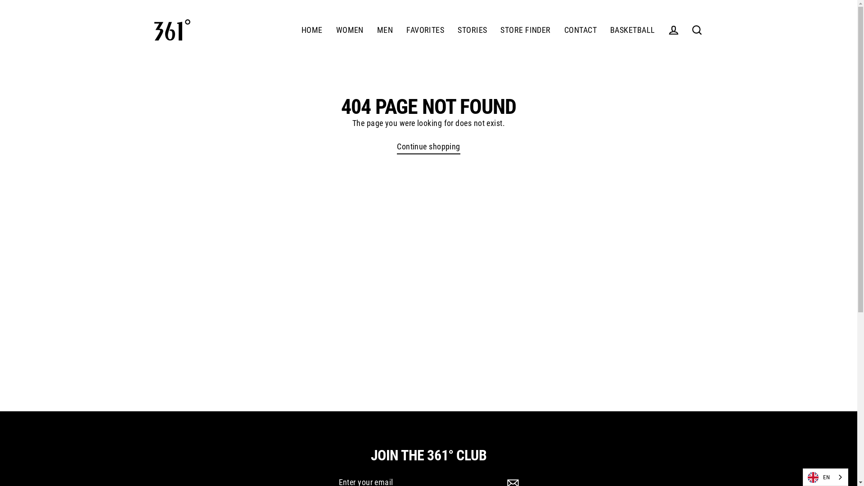 The image size is (864, 486). Describe the element at coordinates (428, 147) in the screenshot. I see `'Continue shopping'` at that location.